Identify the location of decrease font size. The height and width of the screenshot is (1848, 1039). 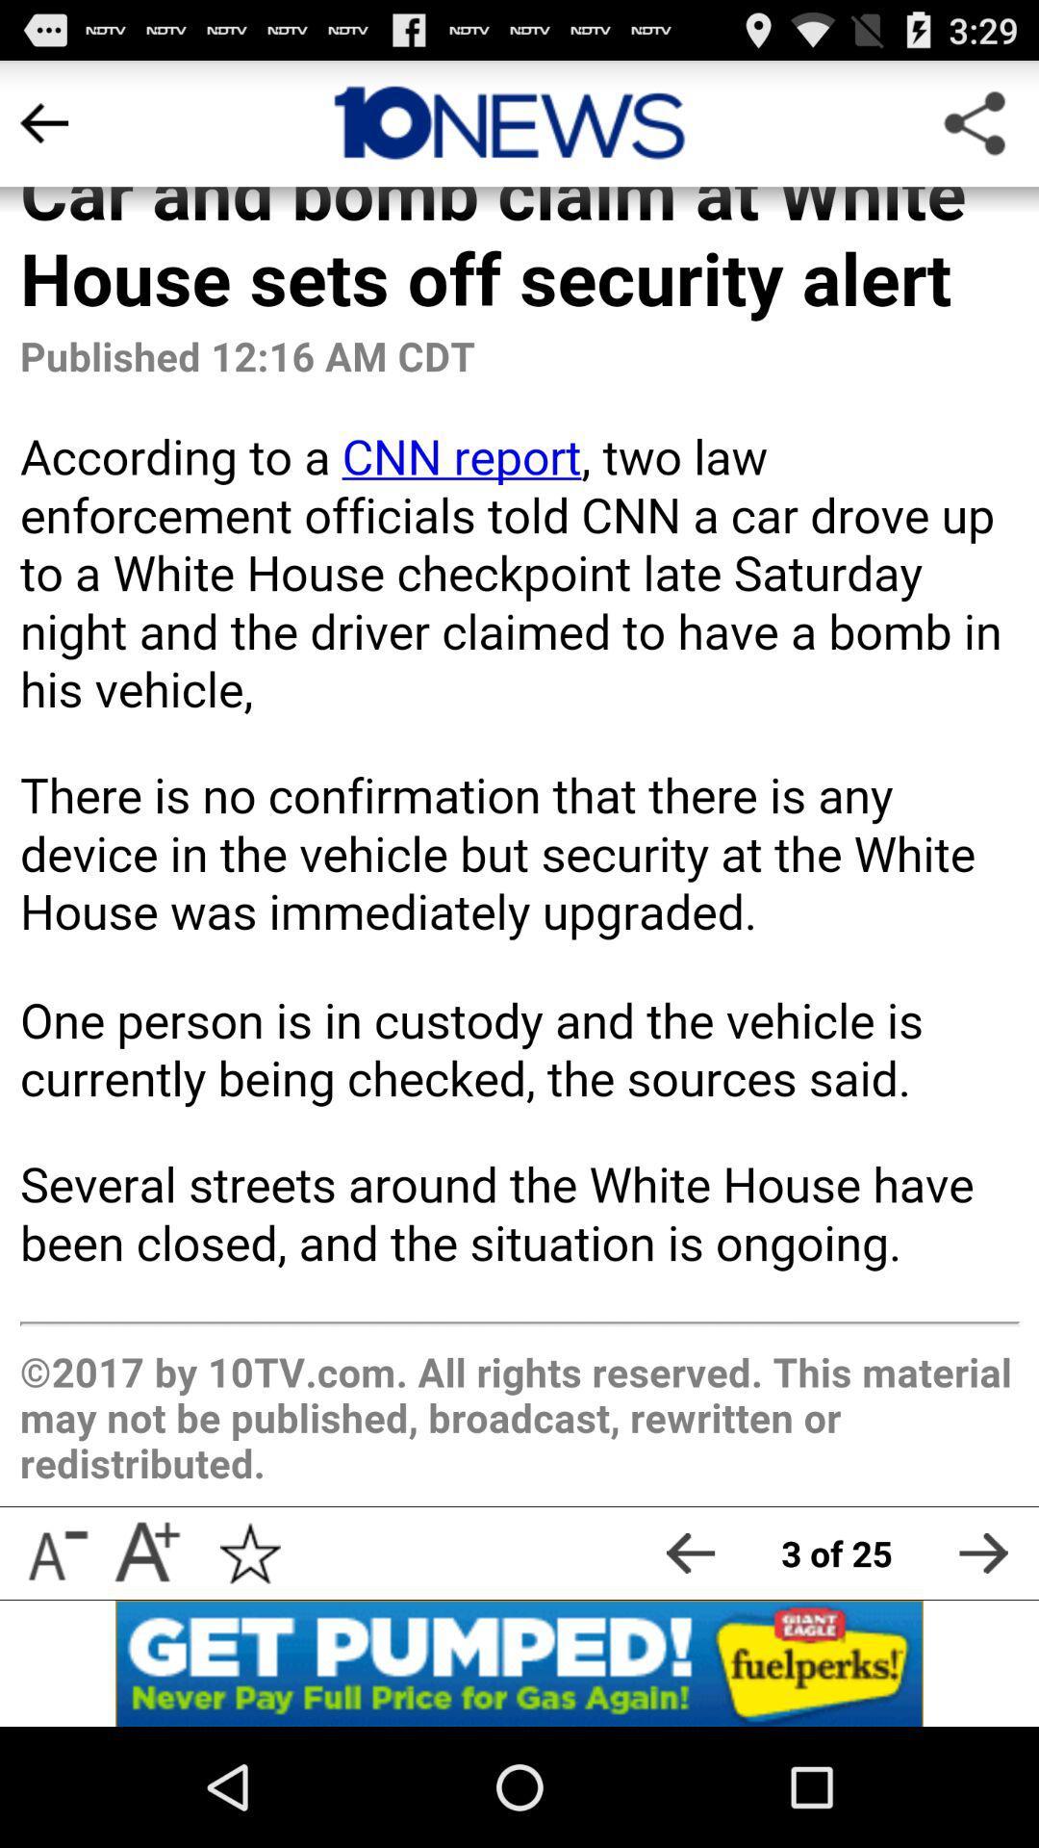
(54, 1553).